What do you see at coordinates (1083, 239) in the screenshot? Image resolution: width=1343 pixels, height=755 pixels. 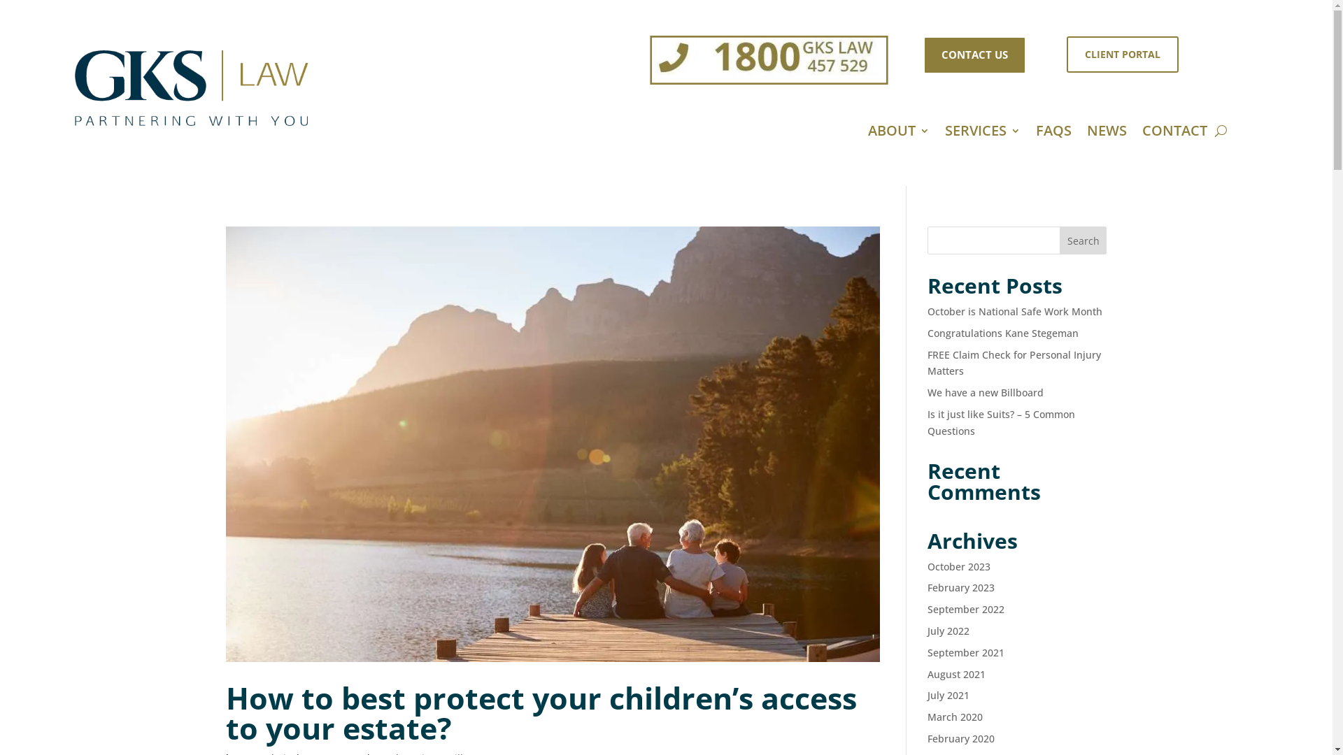 I see `'Search'` at bounding box center [1083, 239].